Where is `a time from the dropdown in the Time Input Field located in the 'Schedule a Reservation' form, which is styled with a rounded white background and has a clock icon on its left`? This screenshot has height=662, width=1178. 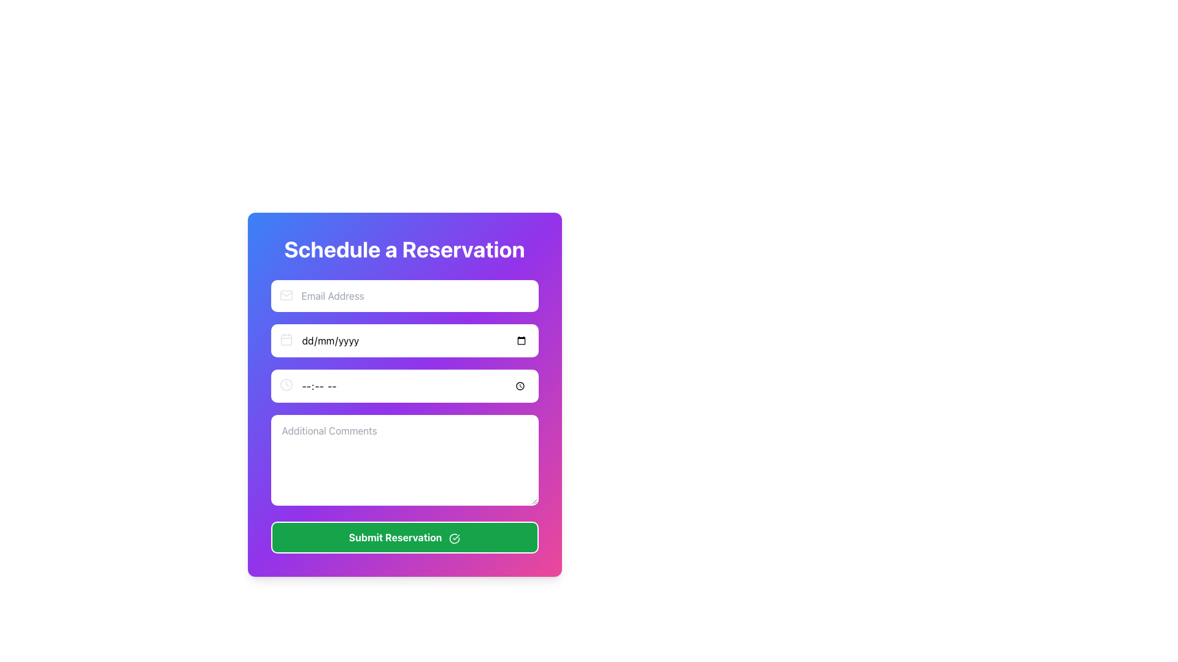
a time from the dropdown in the Time Input Field located in the 'Schedule a Reservation' form, which is styled with a rounded white background and has a clock icon on its left is located at coordinates (404, 385).